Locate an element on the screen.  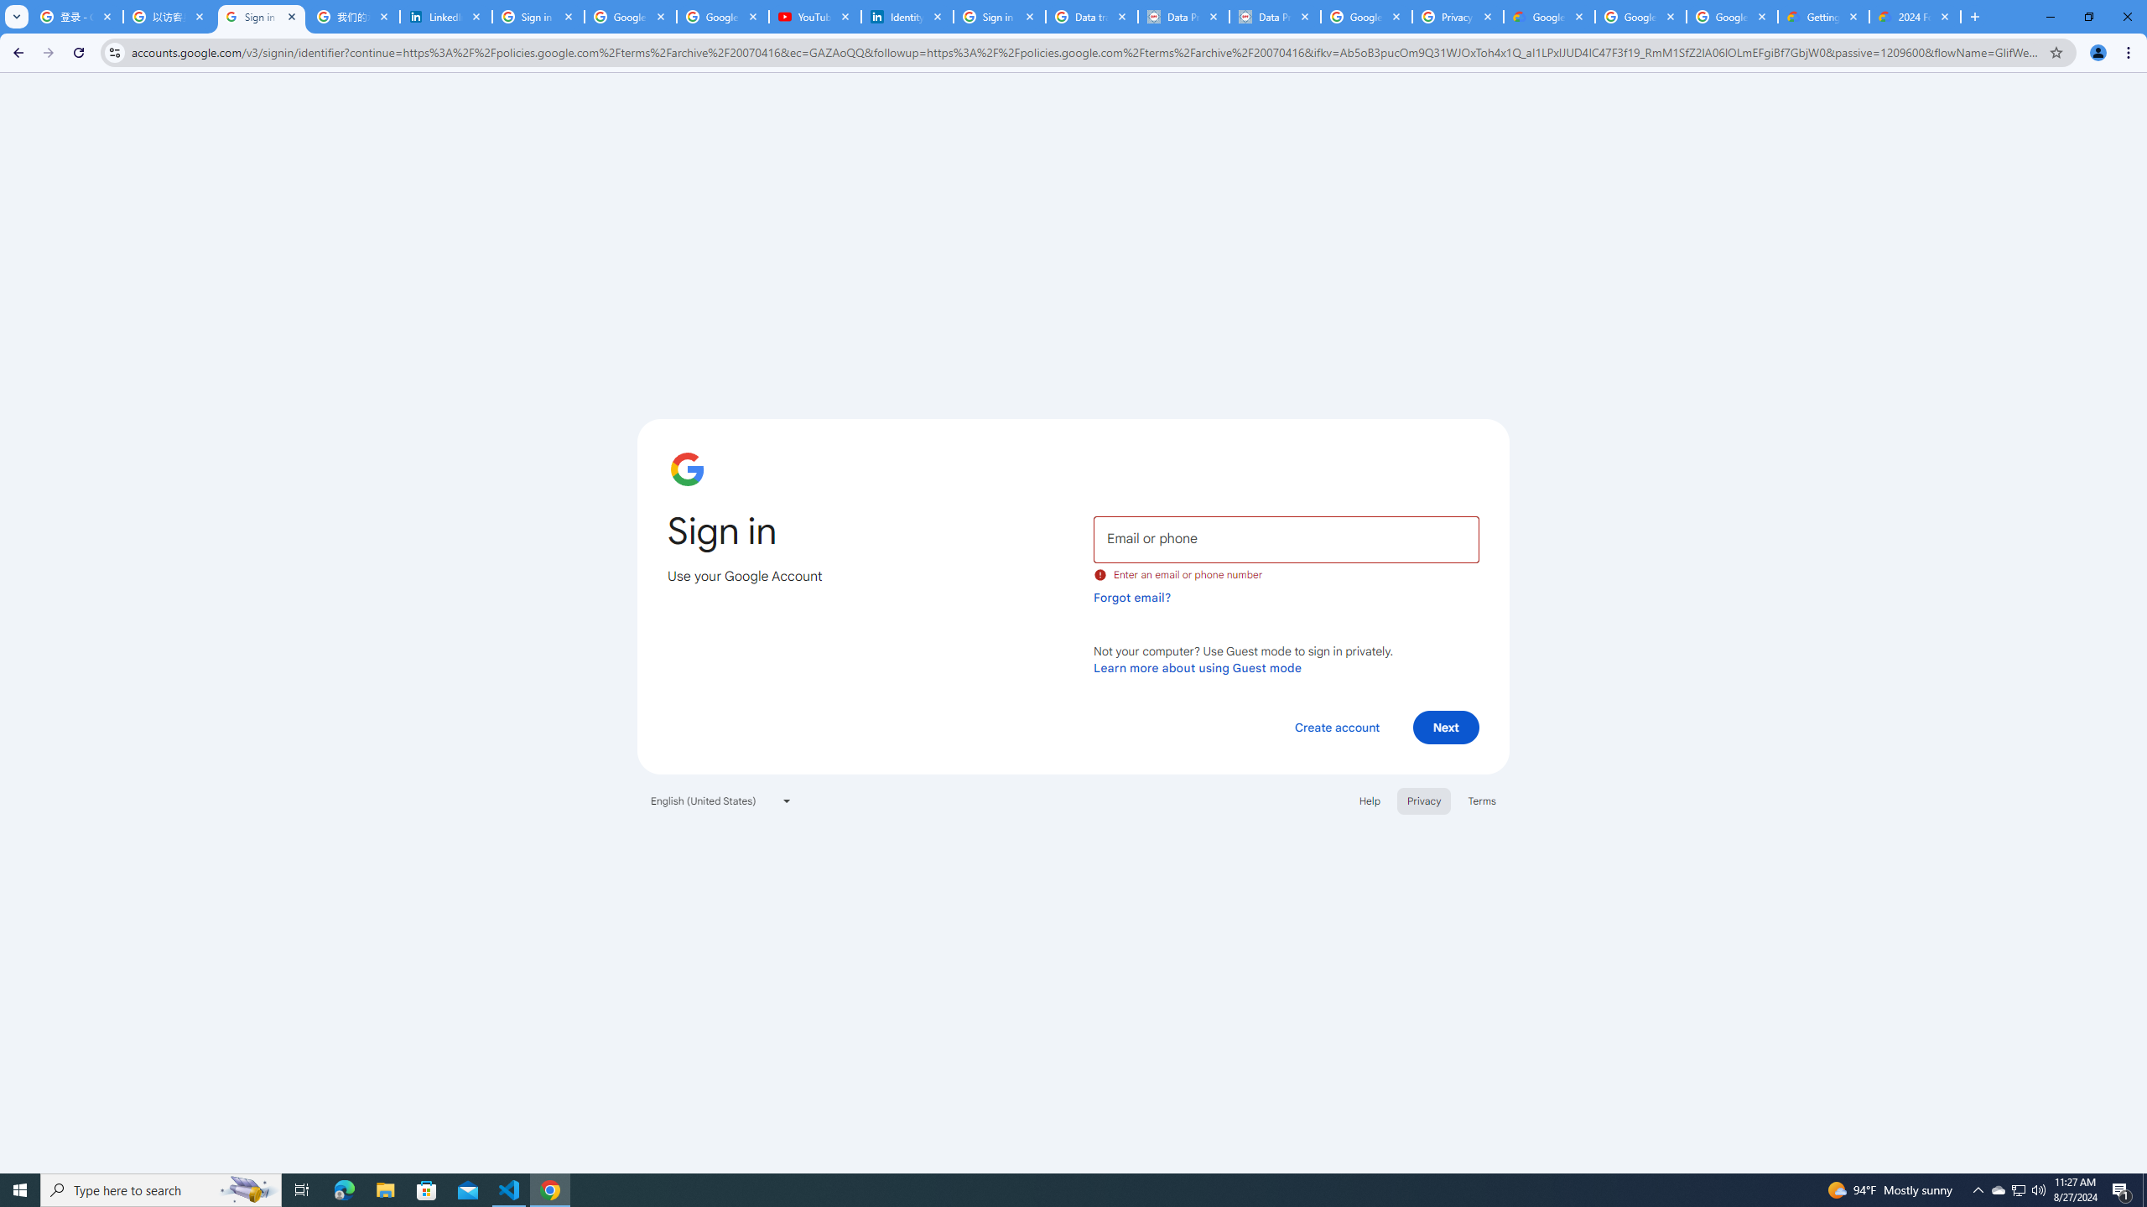
'Learn more about using Guest mode' is located at coordinates (1197, 667).